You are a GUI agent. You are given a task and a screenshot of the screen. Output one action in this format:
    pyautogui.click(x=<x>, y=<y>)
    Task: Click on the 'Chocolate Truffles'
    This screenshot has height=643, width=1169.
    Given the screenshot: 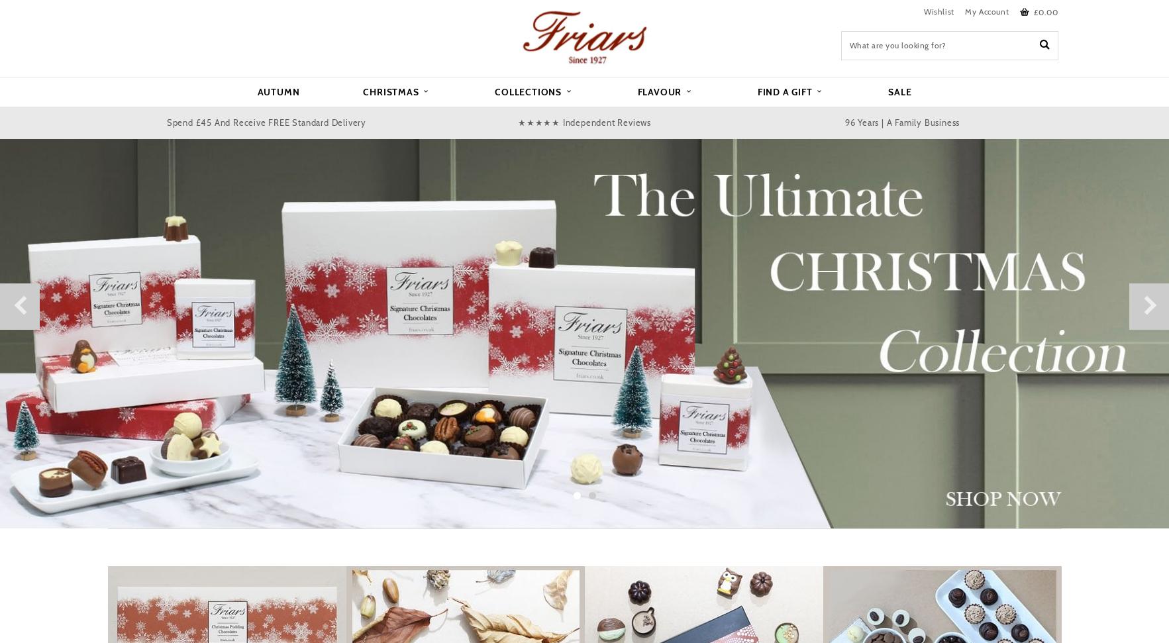 What is the action you would take?
    pyautogui.click(x=385, y=238)
    